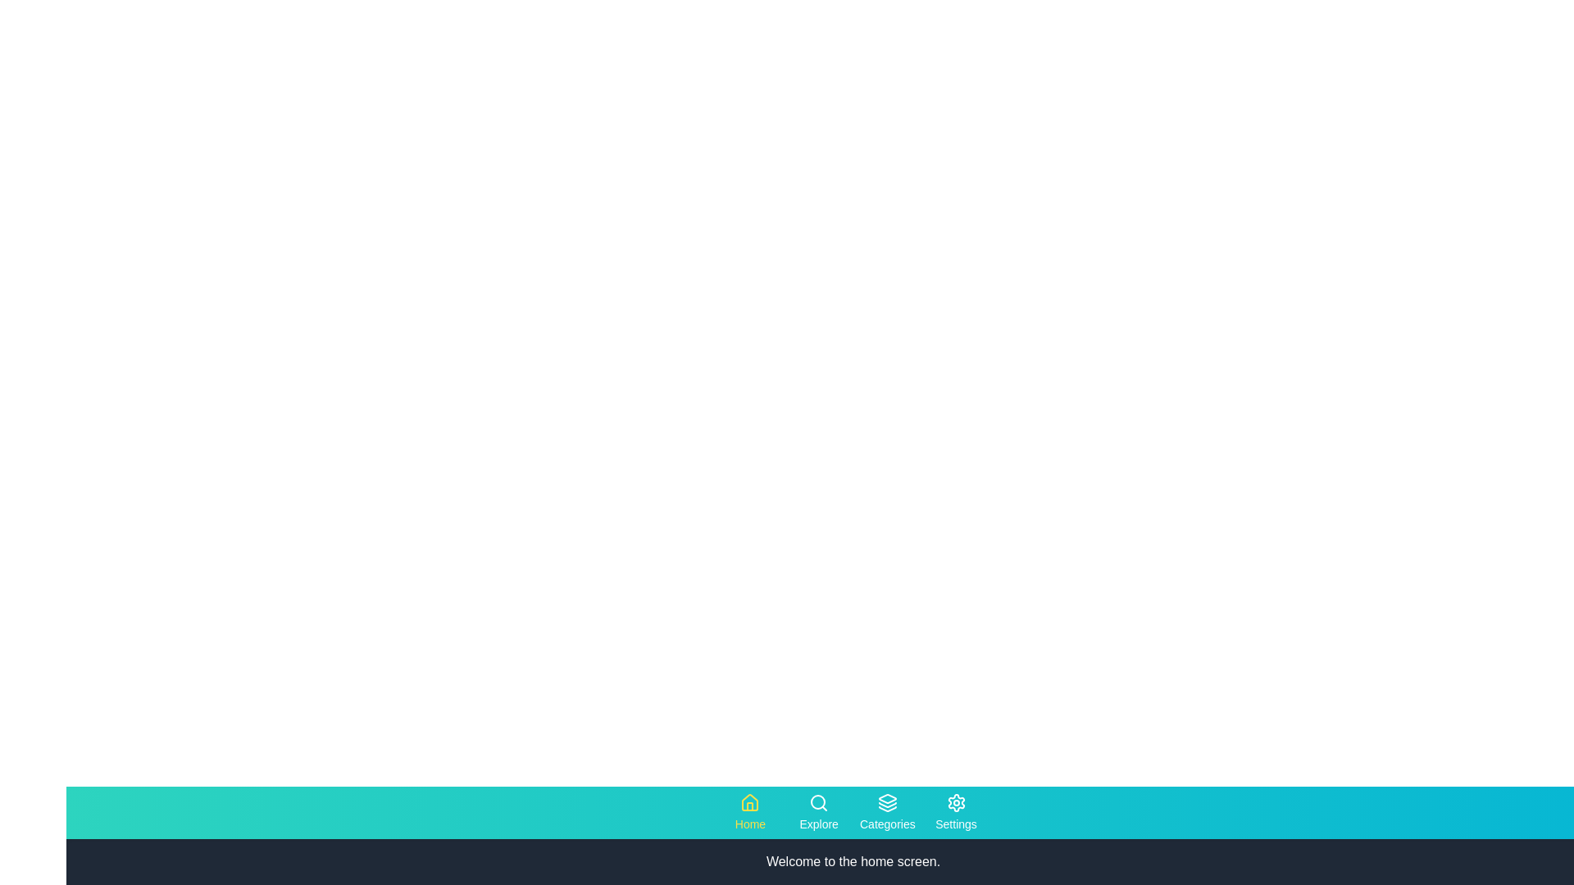  I want to click on the tab labeled 'Explore' to observe the visual effect, so click(819, 812).